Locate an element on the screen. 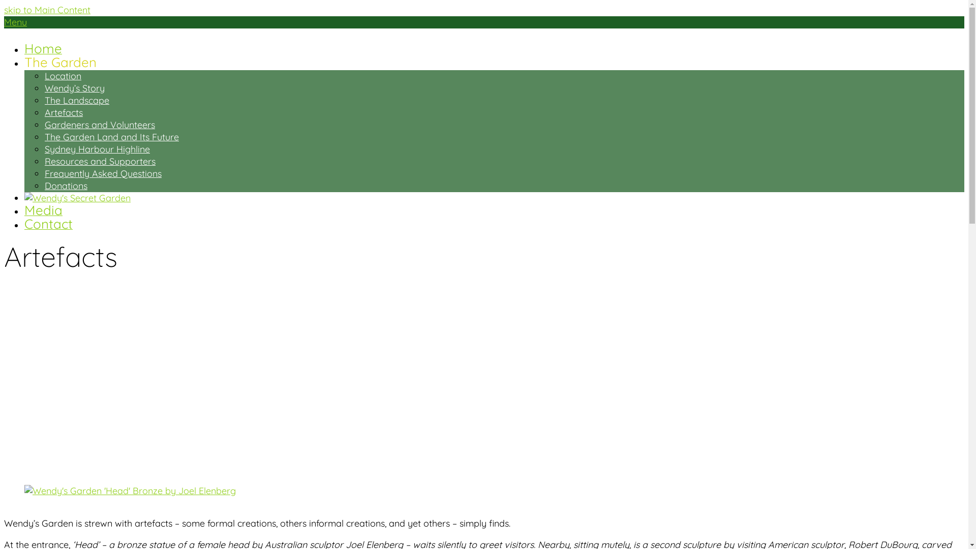 The width and height of the screenshot is (976, 549). 'Menu' is located at coordinates (15, 22).